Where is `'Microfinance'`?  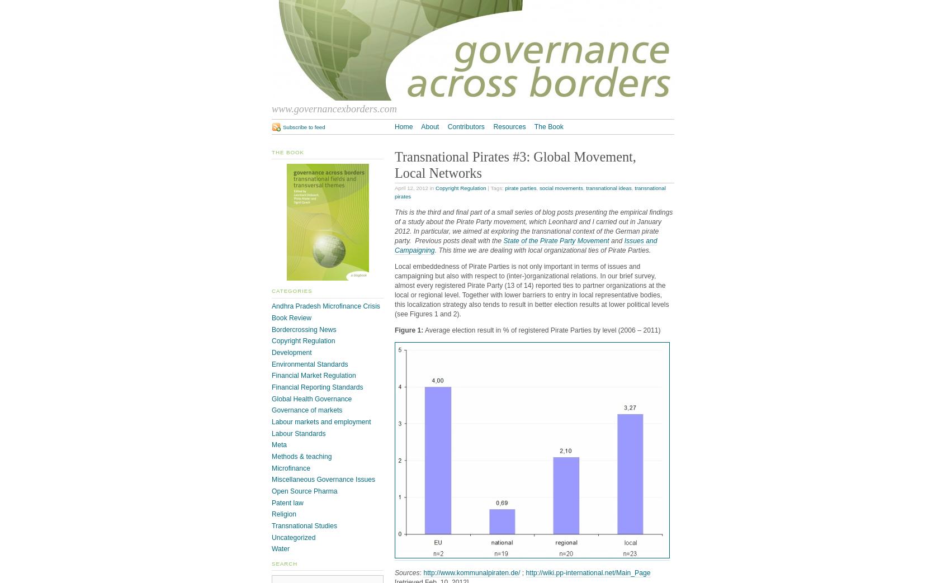 'Microfinance' is located at coordinates (271, 468).